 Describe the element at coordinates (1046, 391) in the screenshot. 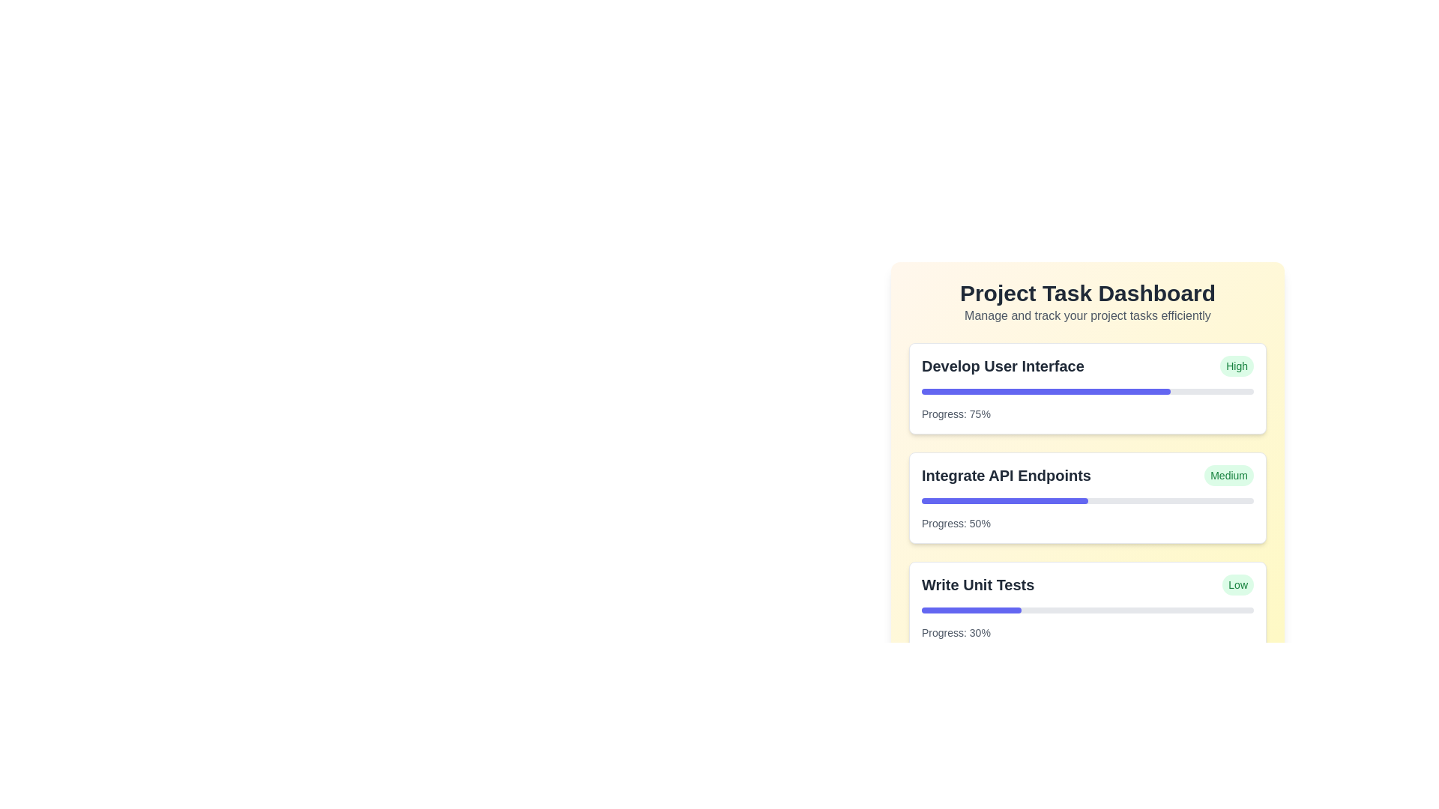

I see `the filled portion of the progress bar indicating 75% completion for the 'Develop User Interface' task in the Project Task Dashboard` at that location.